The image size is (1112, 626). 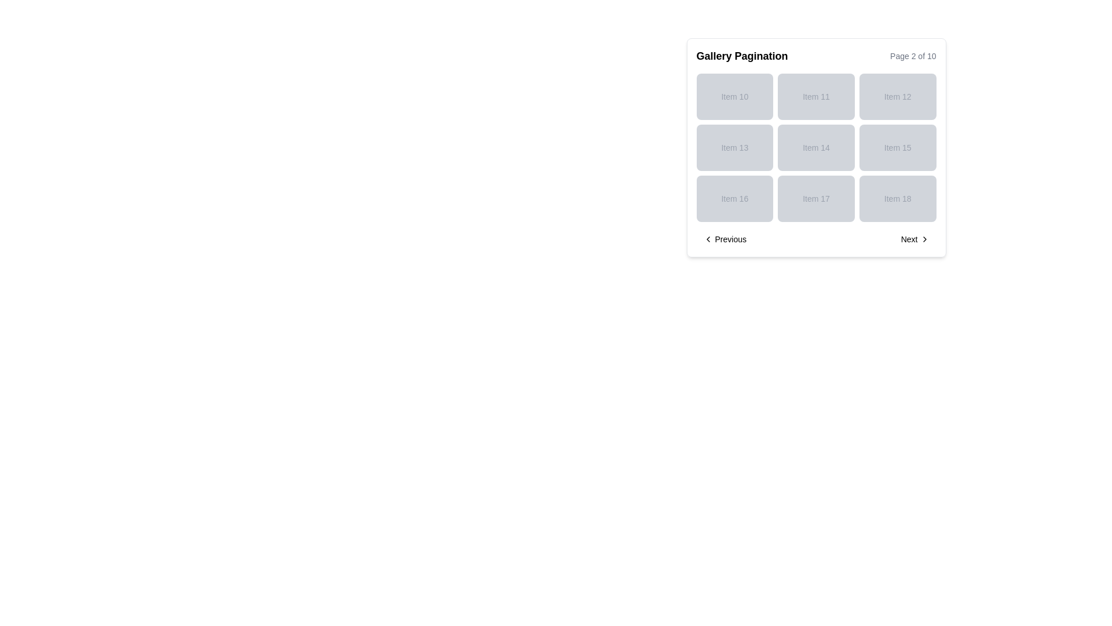 What do you see at coordinates (912, 56) in the screenshot?
I see `the content of the static text label indicating the current page of the paginated gallery, specifically 'Page 2 of 10'` at bounding box center [912, 56].